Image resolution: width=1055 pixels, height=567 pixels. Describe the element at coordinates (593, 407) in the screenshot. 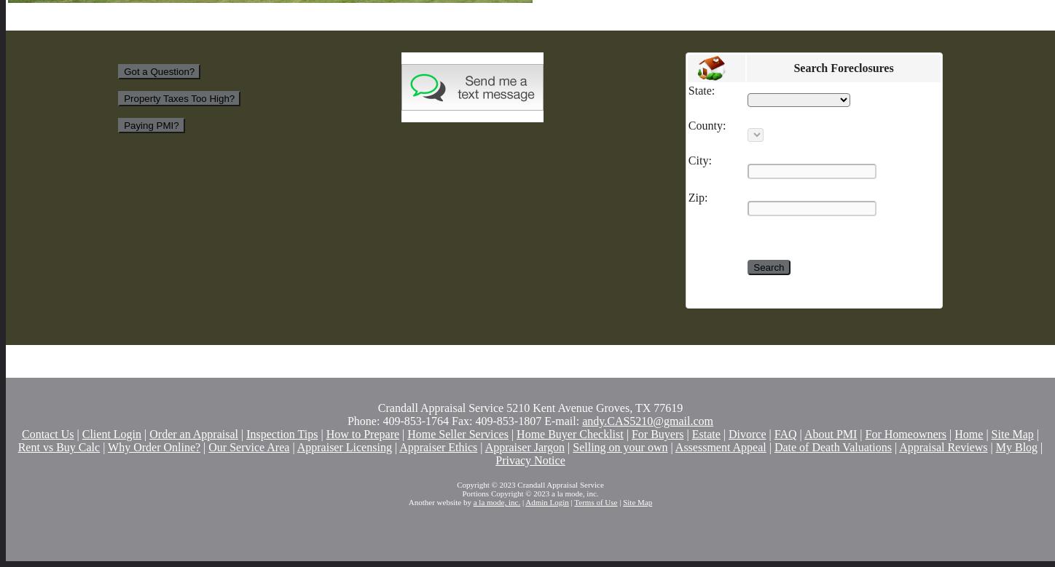

I see `'5210 Kent Avenue  Groves, TX 77619'` at that location.